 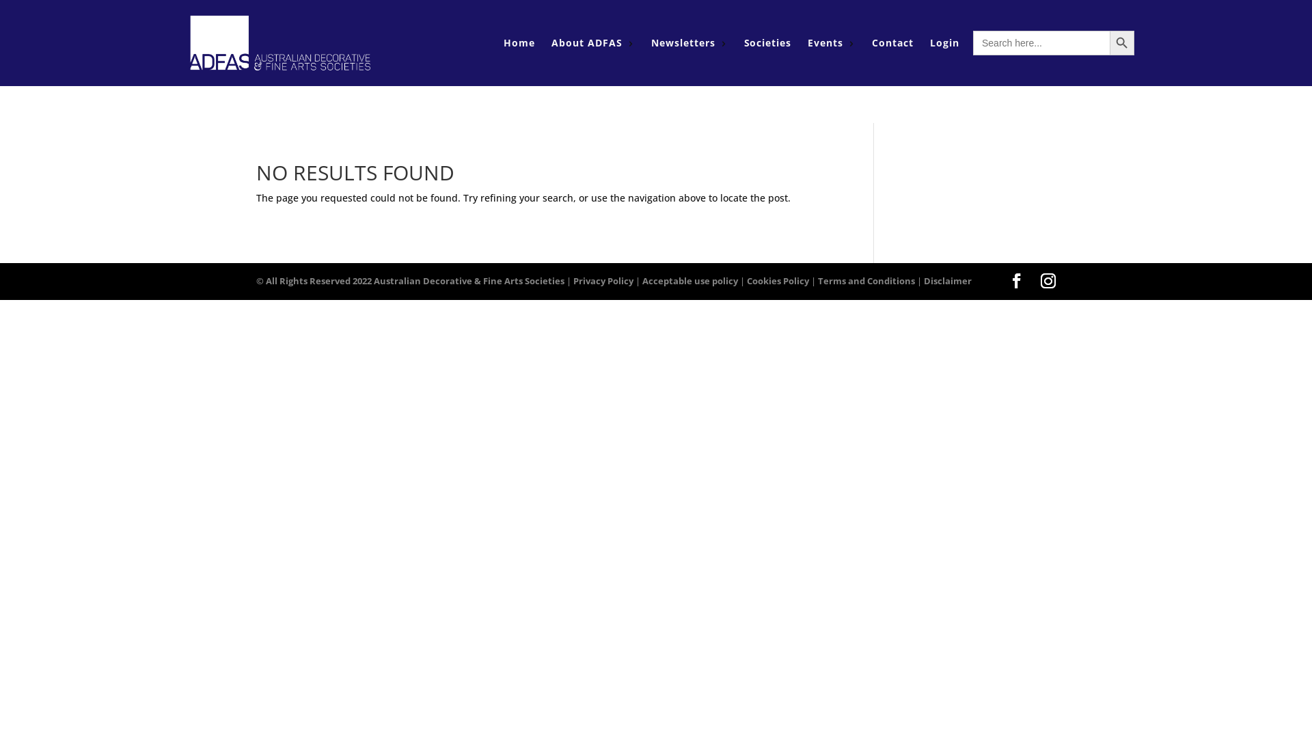 I want to click on 'Home', so click(x=503, y=42).